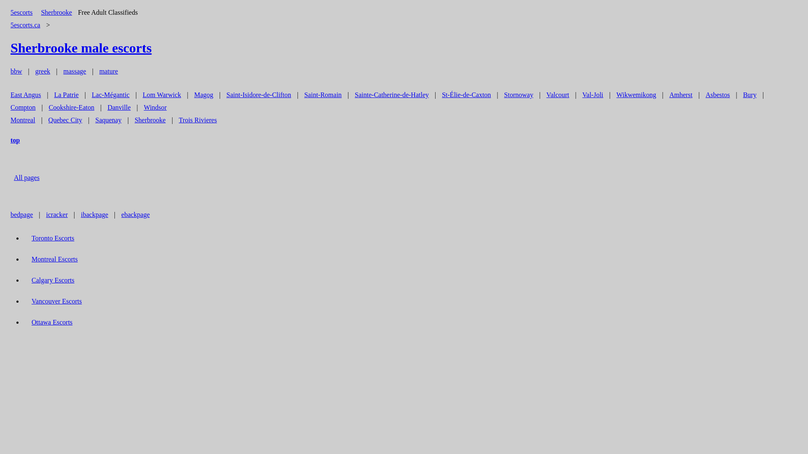  Describe the element at coordinates (391, 95) in the screenshot. I see `'Sainte-Catherine-de-Hatley'` at that location.